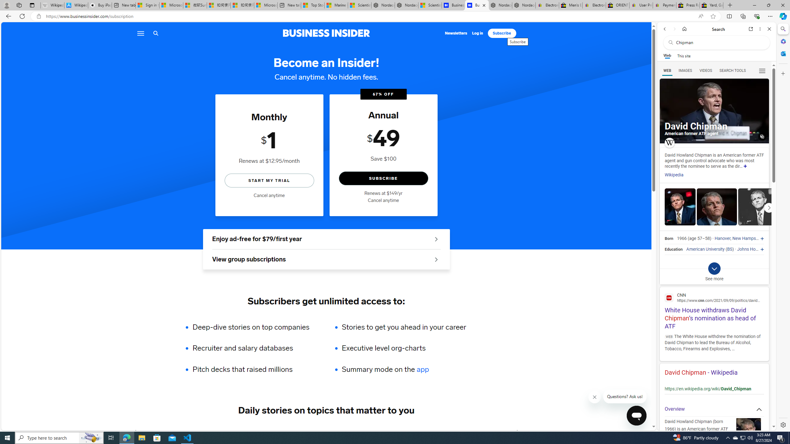 This screenshot has width=790, height=444. I want to click on 'Class: sc-1k07fow-1 cbnSms', so click(636, 415).